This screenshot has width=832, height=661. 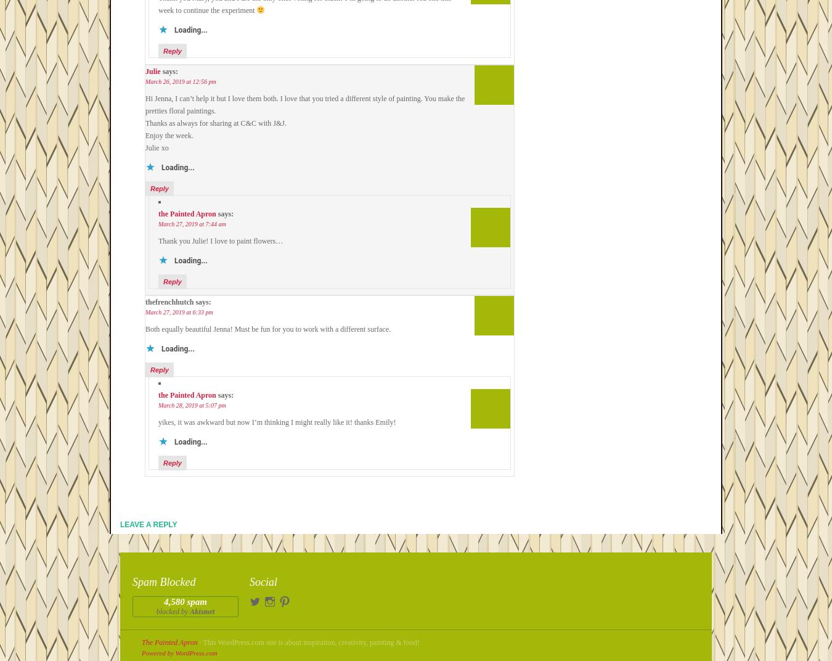 I want to click on 'March 27, 2019 at 7:44 am', so click(x=191, y=224).